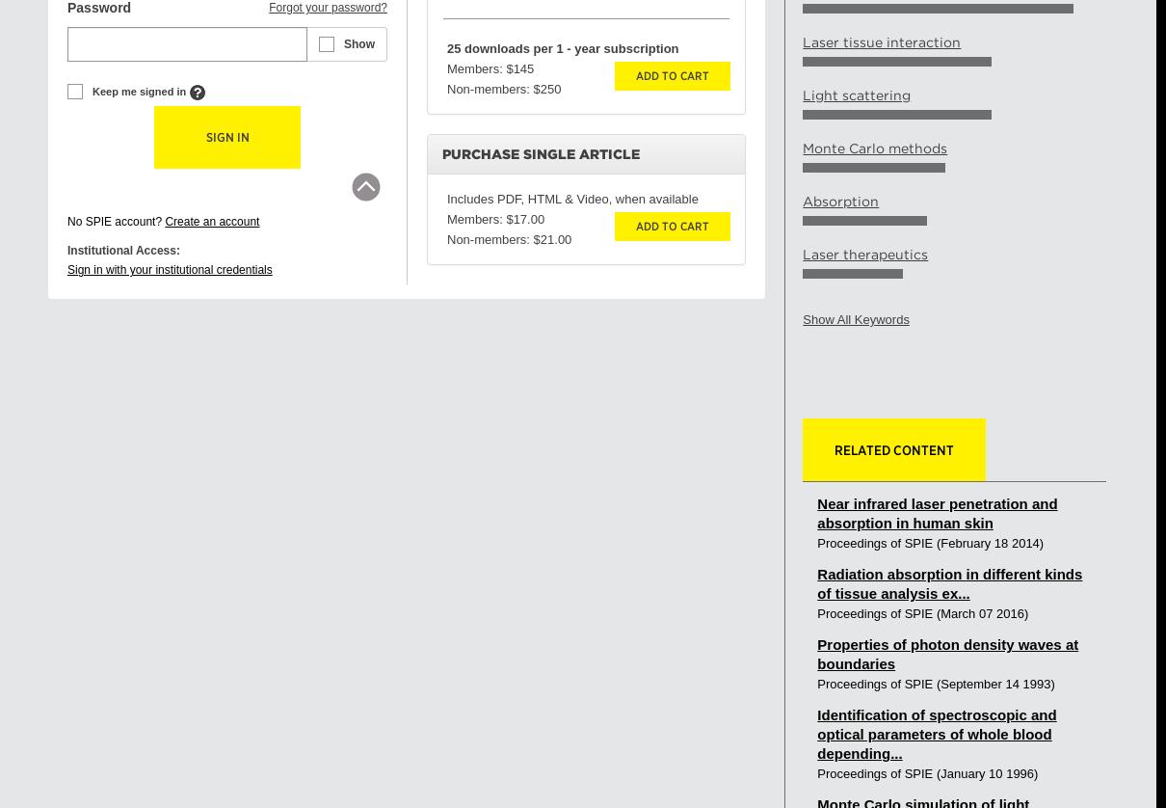 Image resolution: width=1166 pixels, height=808 pixels. What do you see at coordinates (873, 148) in the screenshot?
I see `'Monte Carlo methods'` at bounding box center [873, 148].